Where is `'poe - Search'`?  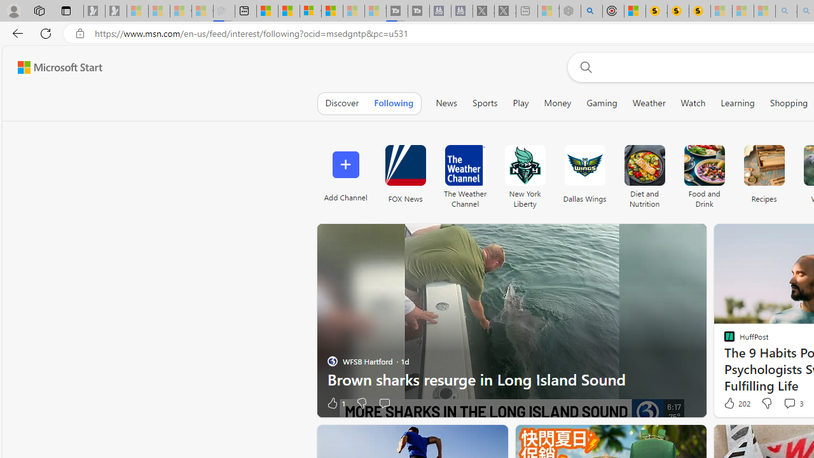 'poe - Search' is located at coordinates (591, 11).